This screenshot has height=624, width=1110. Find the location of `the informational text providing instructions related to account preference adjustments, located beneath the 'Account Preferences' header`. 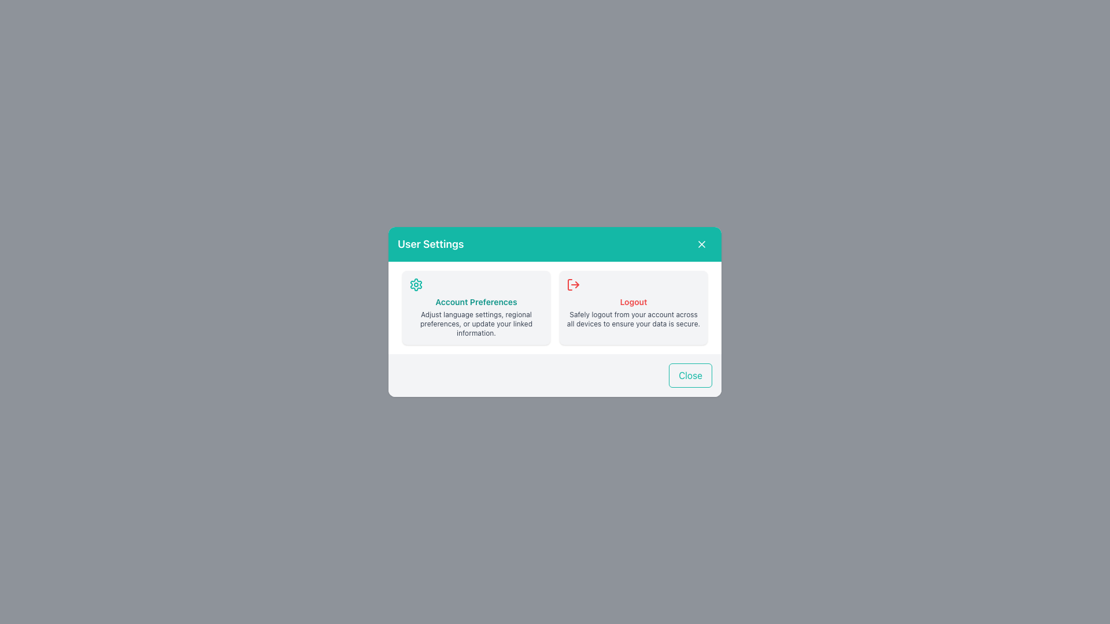

the informational text providing instructions related to account preference adjustments, located beneath the 'Account Preferences' header is located at coordinates (476, 324).